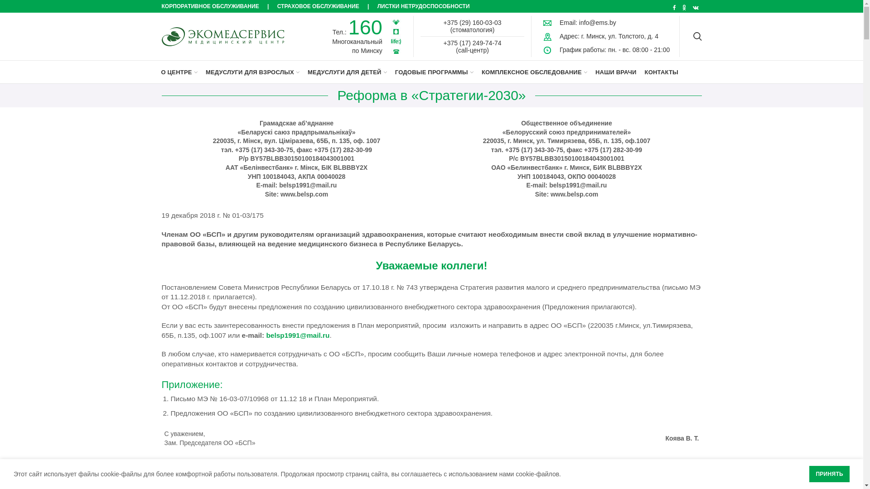  Describe the element at coordinates (472, 43) in the screenshot. I see `'+375 (17) 249-74-74'` at that location.